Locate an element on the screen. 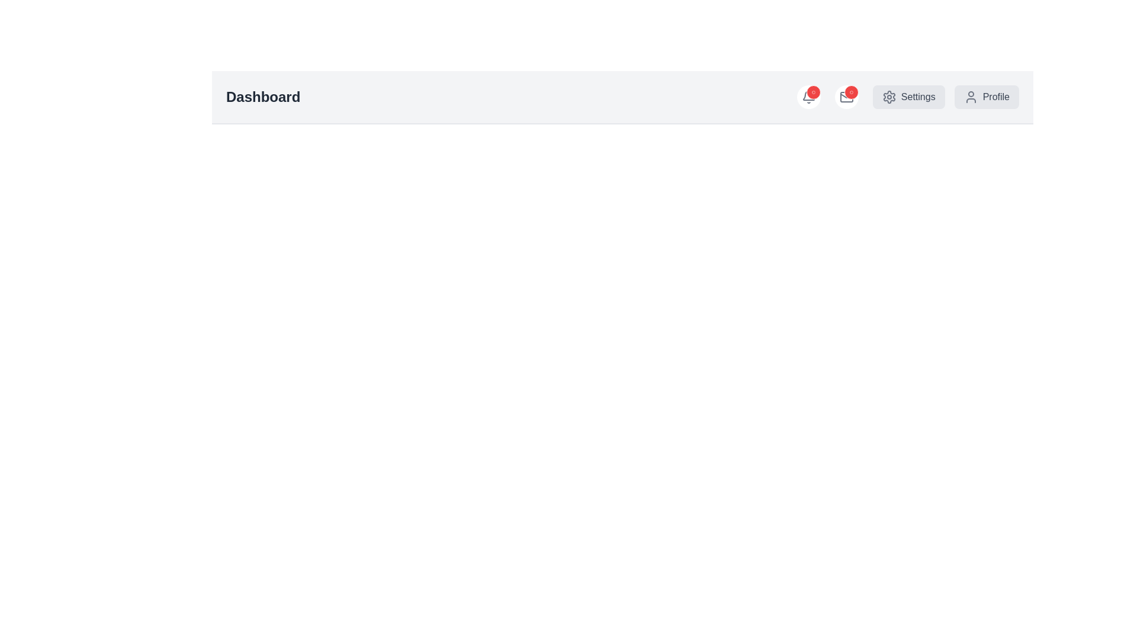  the 'Settings' button, which features a gear icon and is located at the top-right of the interface is located at coordinates (908, 97).